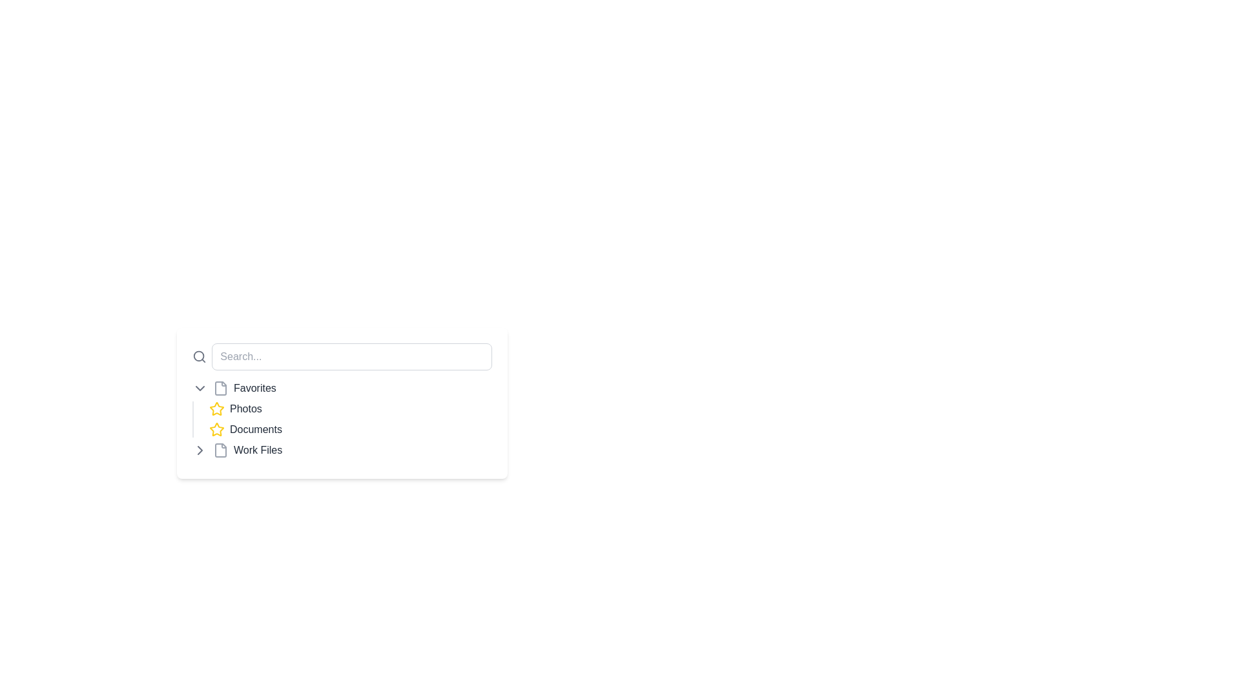 Image resolution: width=1240 pixels, height=697 pixels. What do you see at coordinates (342, 356) in the screenshot?
I see `the Text Input Field located at the upper part of its card-like structure to activate the search functionality` at bounding box center [342, 356].